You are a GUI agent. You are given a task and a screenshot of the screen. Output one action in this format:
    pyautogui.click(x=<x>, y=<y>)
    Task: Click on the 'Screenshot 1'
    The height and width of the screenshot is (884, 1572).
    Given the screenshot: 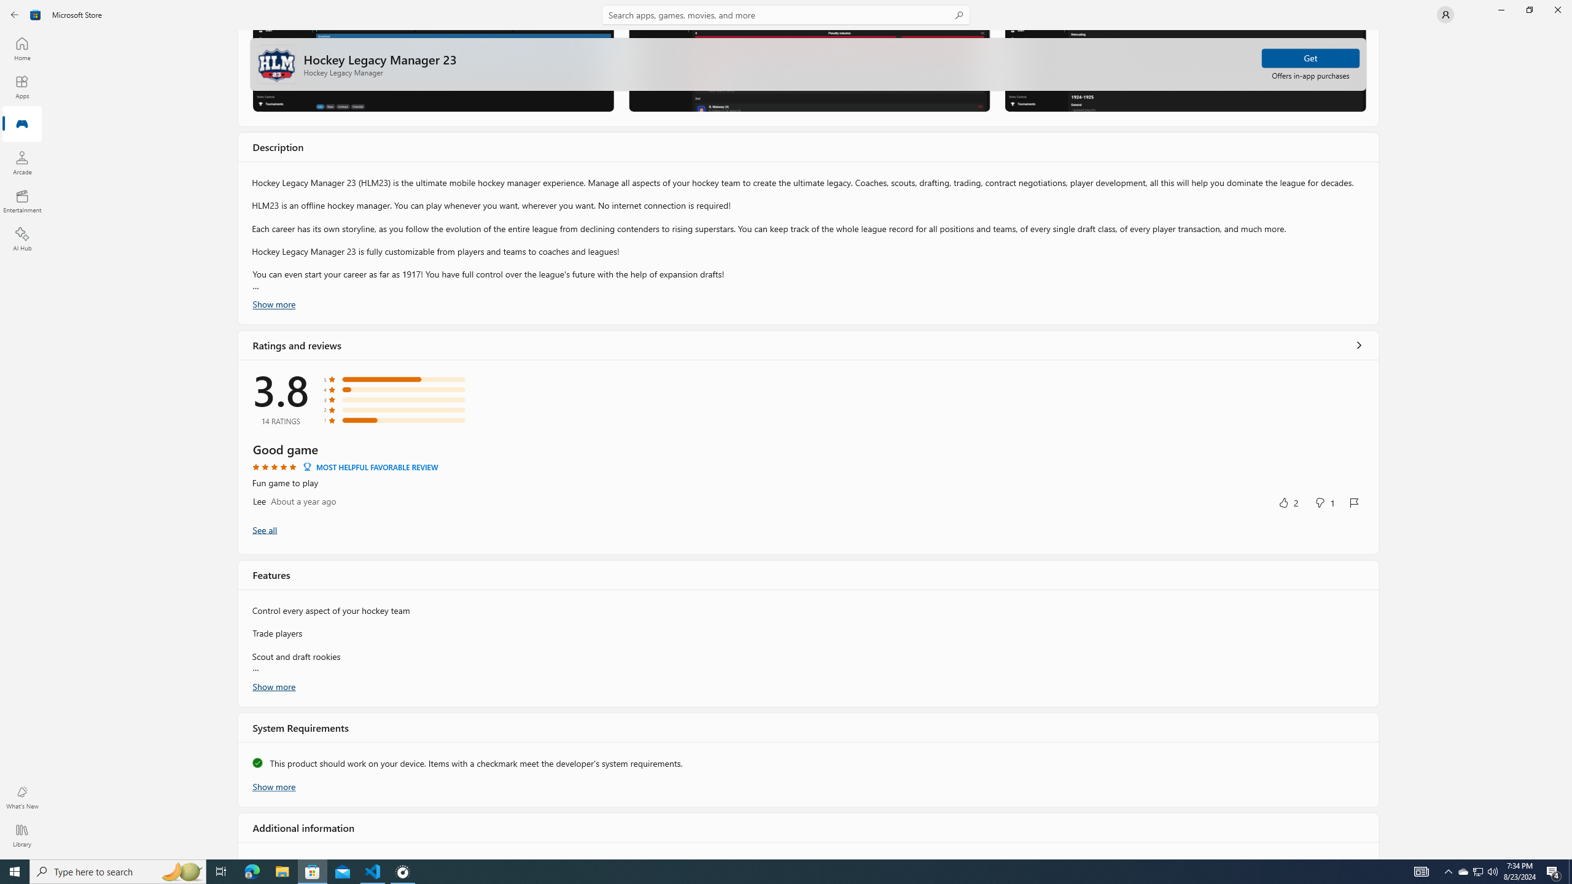 What is the action you would take?
    pyautogui.click(x=433, y=70)
    